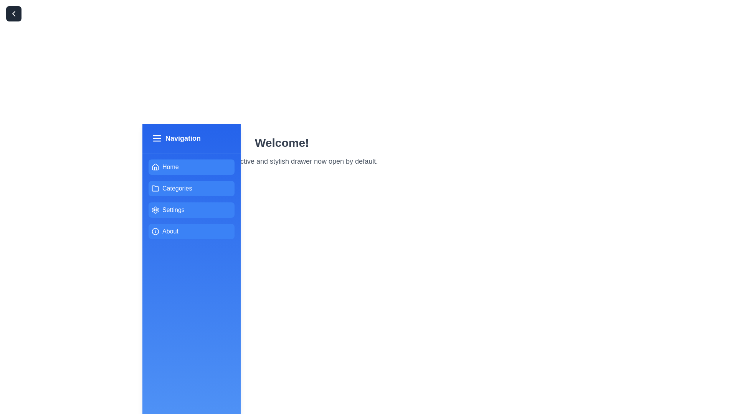 The image size is (737, 414). Describe the element at coordinates (155, 210) in the screenshot. I see `the settings icon located in the sidebar, which is situated below the Home and Categories buttons and above the About button` at that location.